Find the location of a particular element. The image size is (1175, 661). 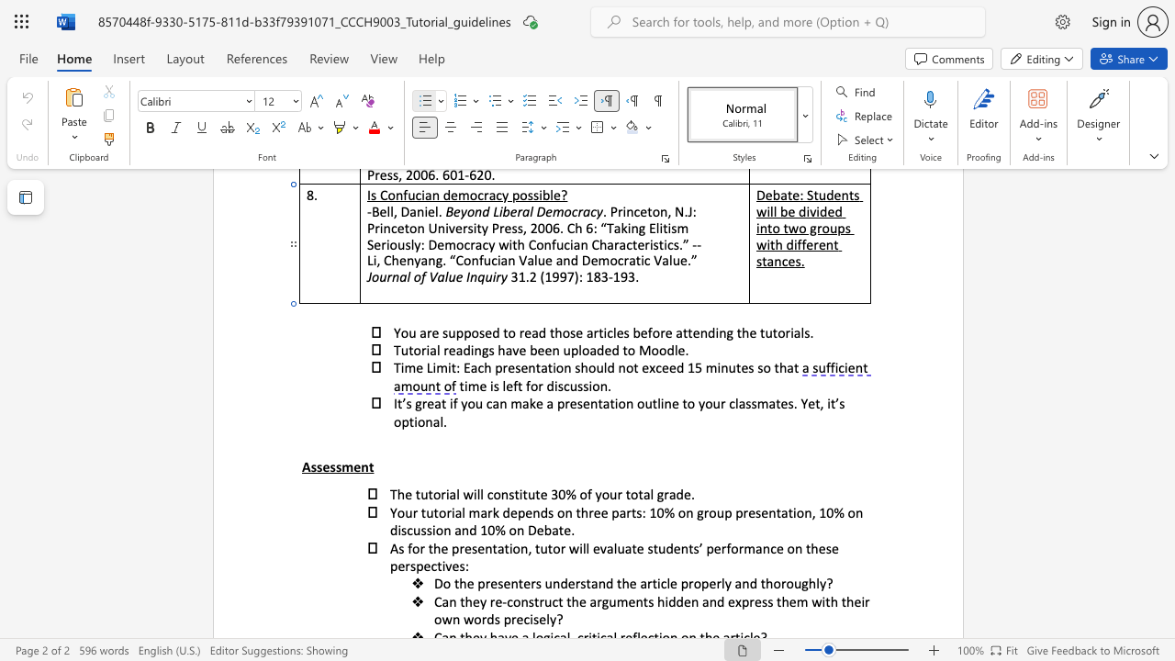

the 4th character "o" in the text is located at coordinates (680, 512).